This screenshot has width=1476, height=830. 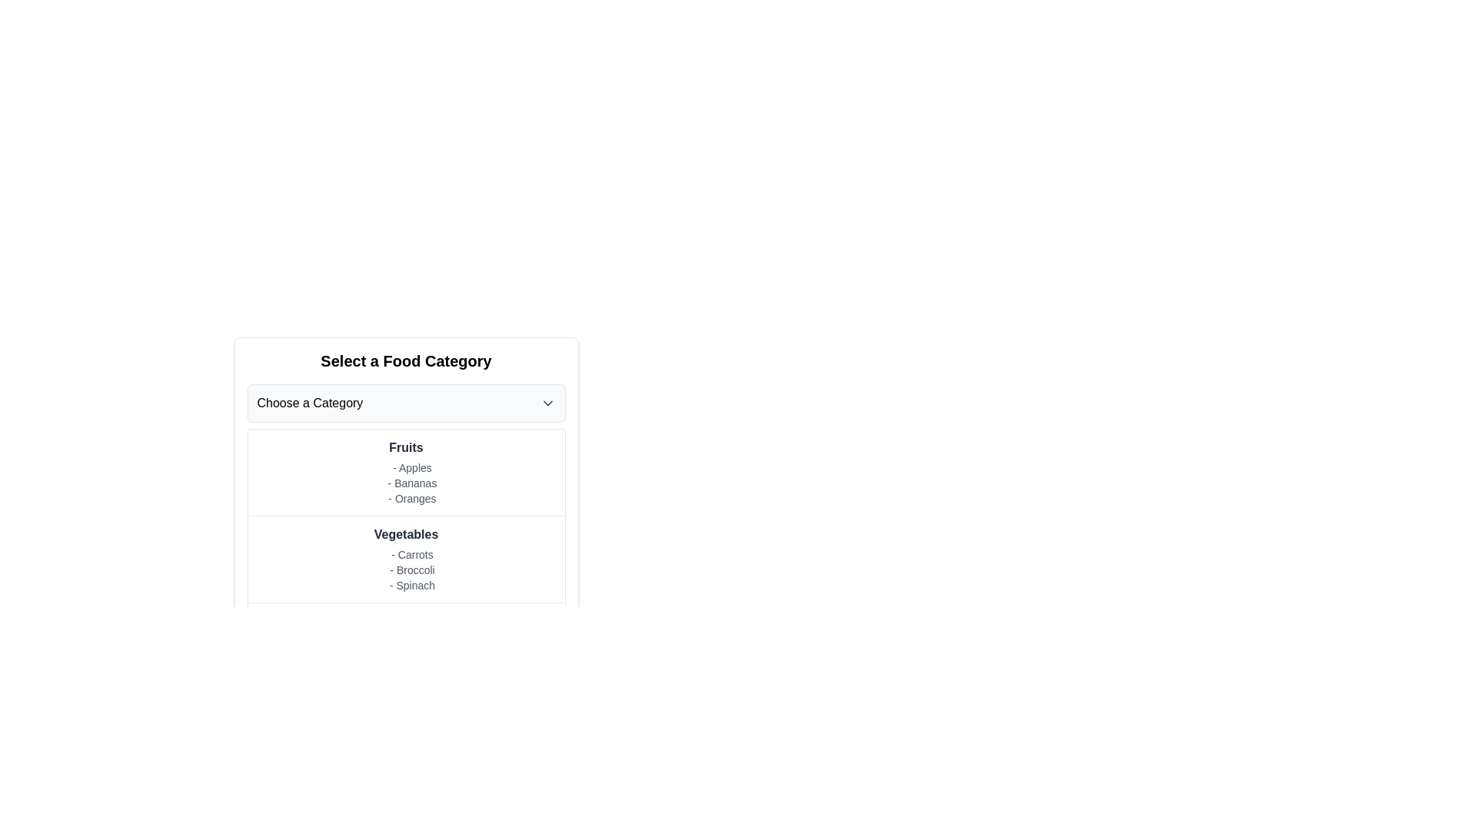 I want to click on the text element representing the list item '- Apples', which is the first item in the 'Fruits' category and appears indented within the section, so click(x=412, y=467).